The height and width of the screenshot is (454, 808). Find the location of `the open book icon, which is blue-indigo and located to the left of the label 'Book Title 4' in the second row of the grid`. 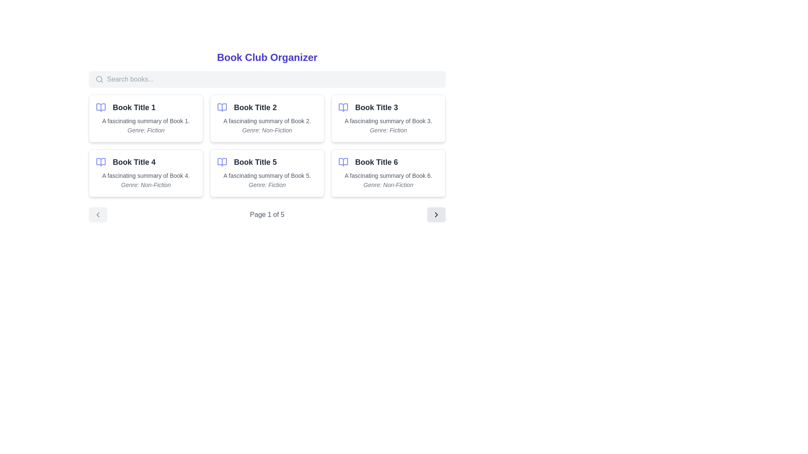

the open book icon, which is blue-indigo and located to the left of the label 'Book Title 4' in the second row of the grid is located at coordinates (101, 162).